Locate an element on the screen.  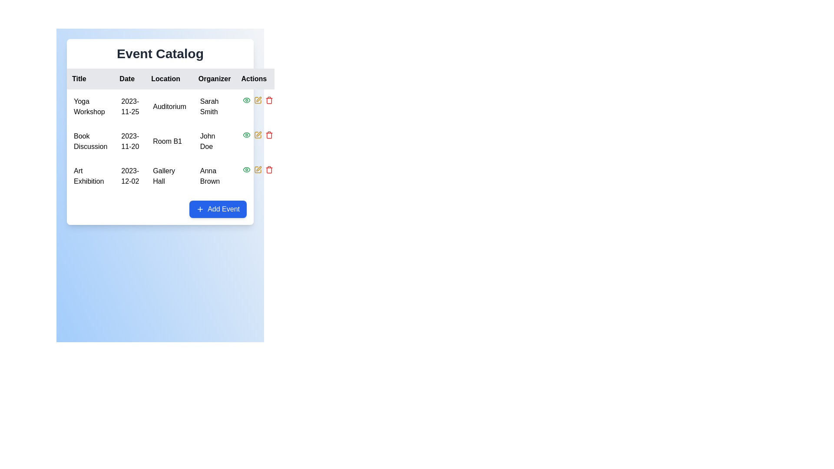
the edit action icon for the 'Book Discussion' event, which is located in the 'Actions' column of the second row in the table and is the leftmost icon is located at coordinates (258, 100).